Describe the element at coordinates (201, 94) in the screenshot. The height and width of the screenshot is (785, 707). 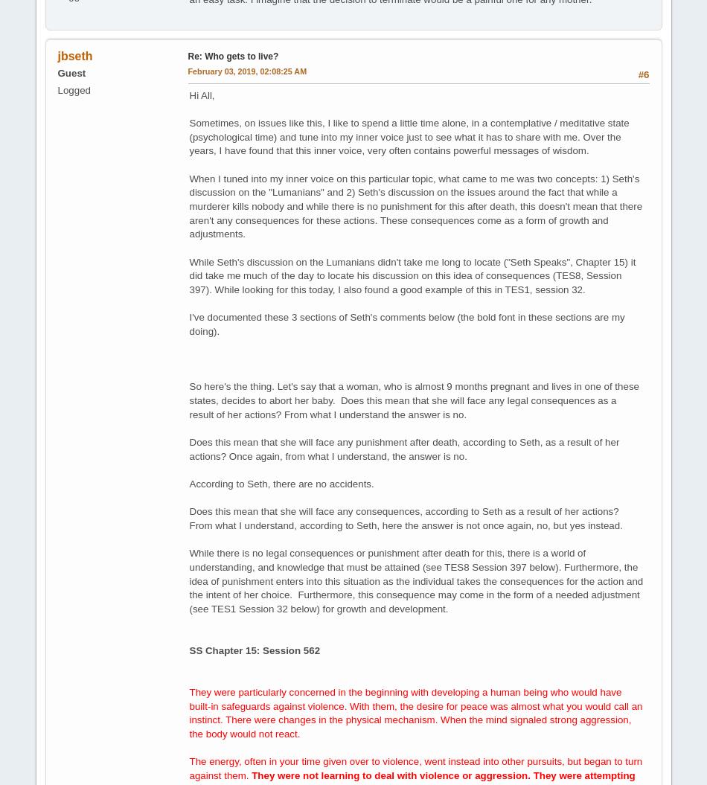
I see `'Hi All,'` at that location.